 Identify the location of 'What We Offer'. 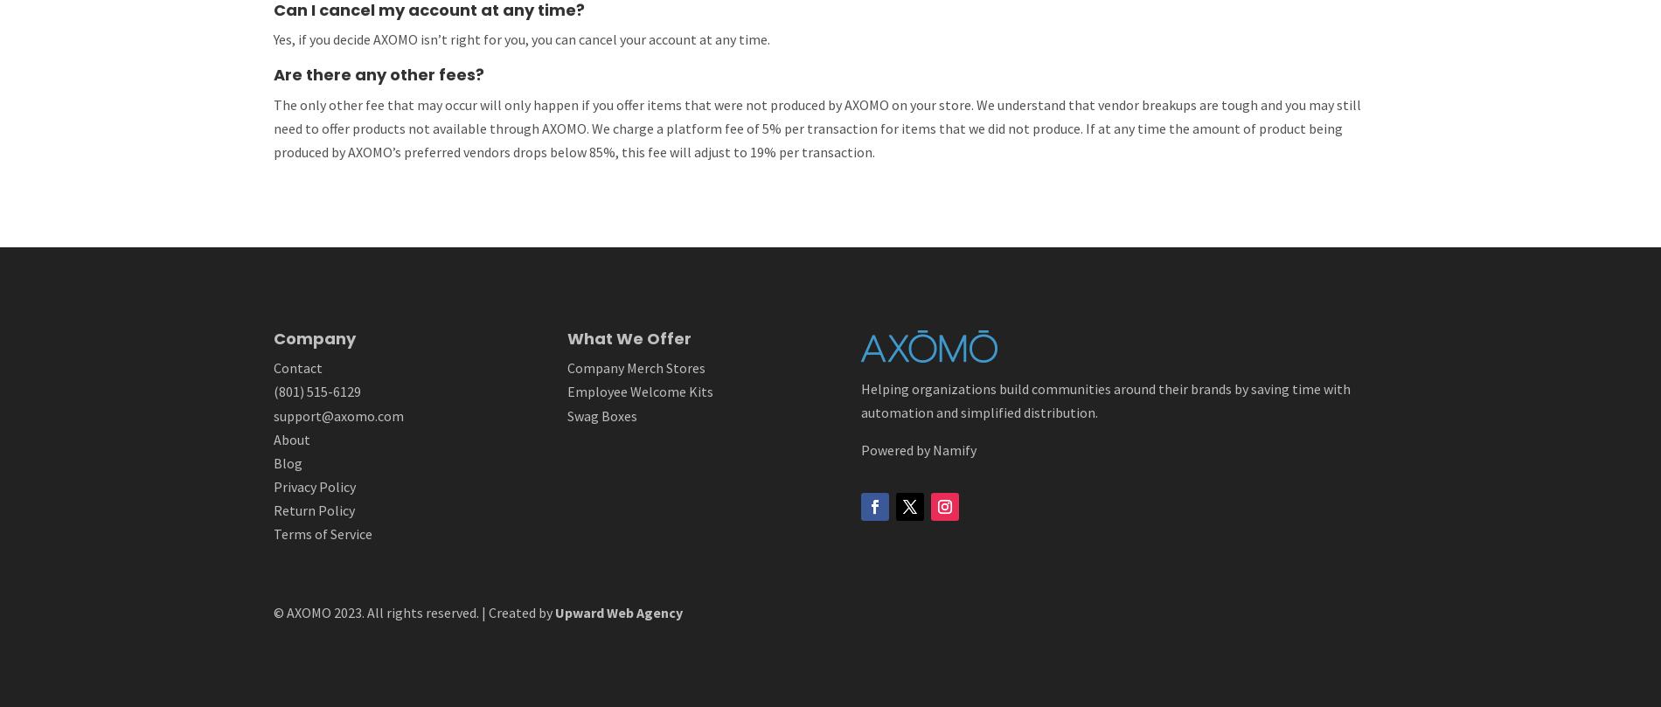
(566, 337).